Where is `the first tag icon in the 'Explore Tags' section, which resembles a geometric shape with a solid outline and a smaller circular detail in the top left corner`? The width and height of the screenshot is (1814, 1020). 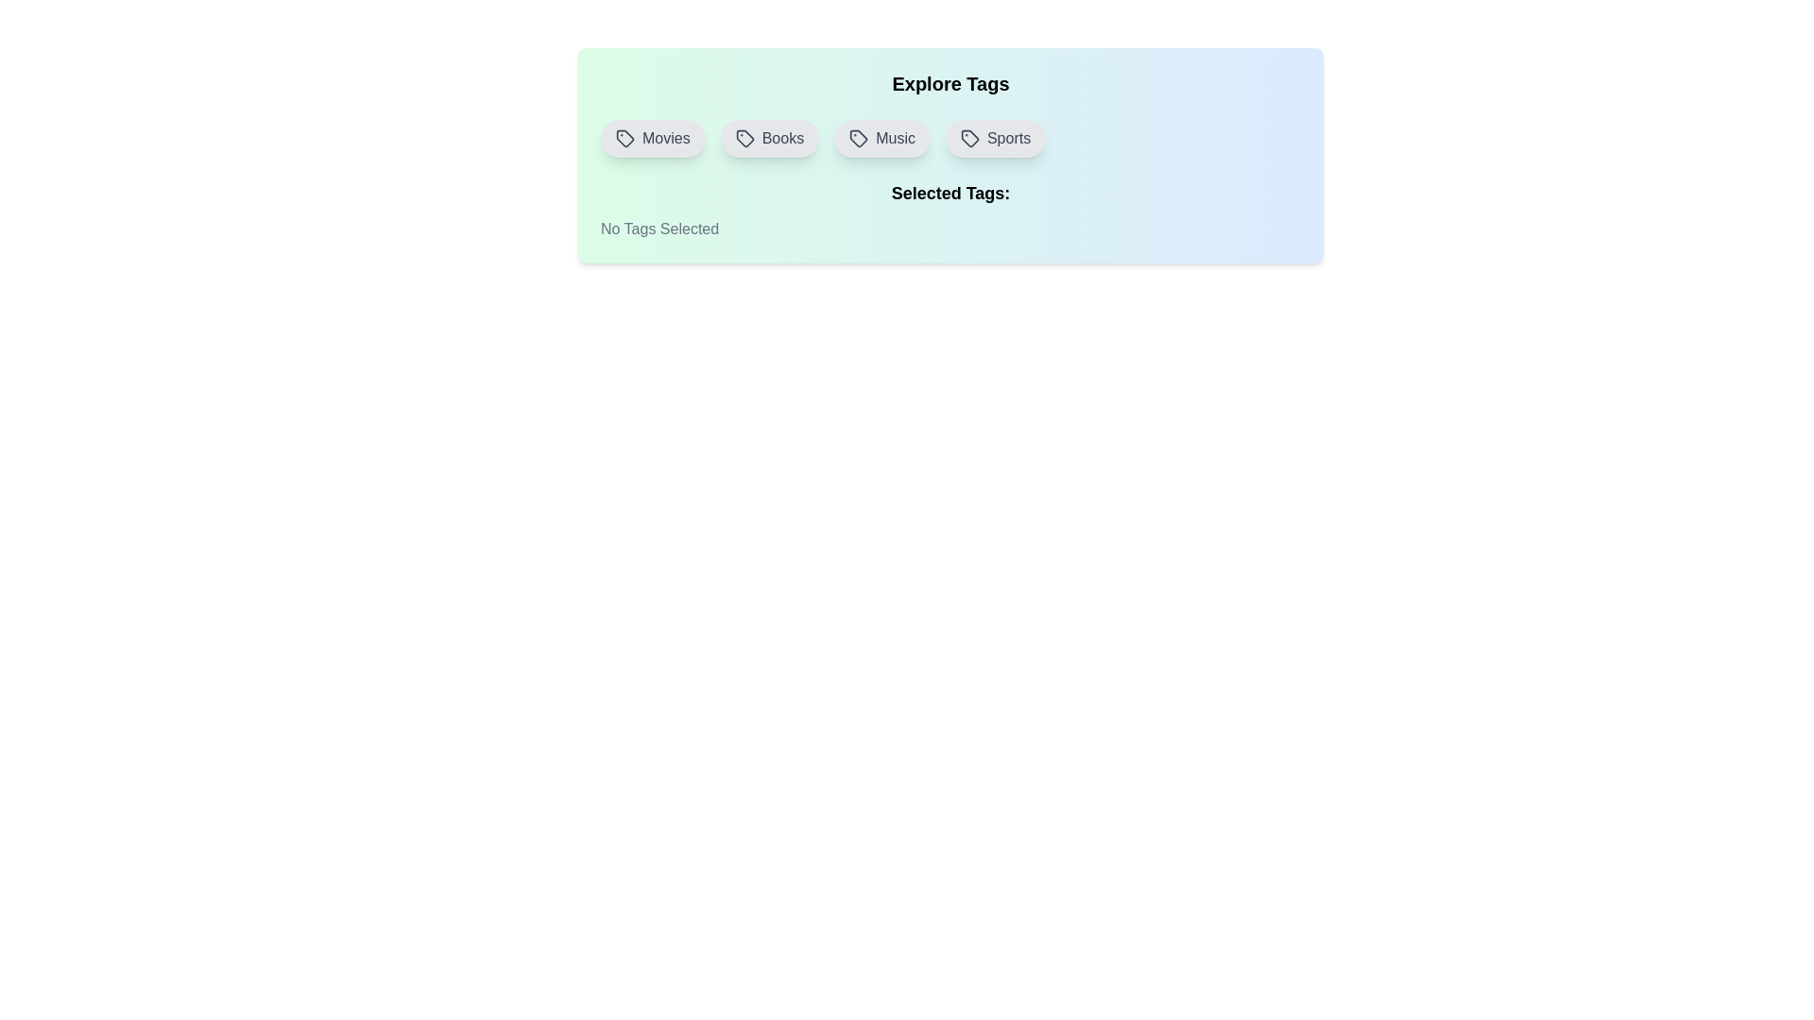 the first tag icon in the 'Explore Tags' section, which resembles a geometric shape with a solid outline and a smaller circular detail in the top left corner is located at coordinates (625, 137).